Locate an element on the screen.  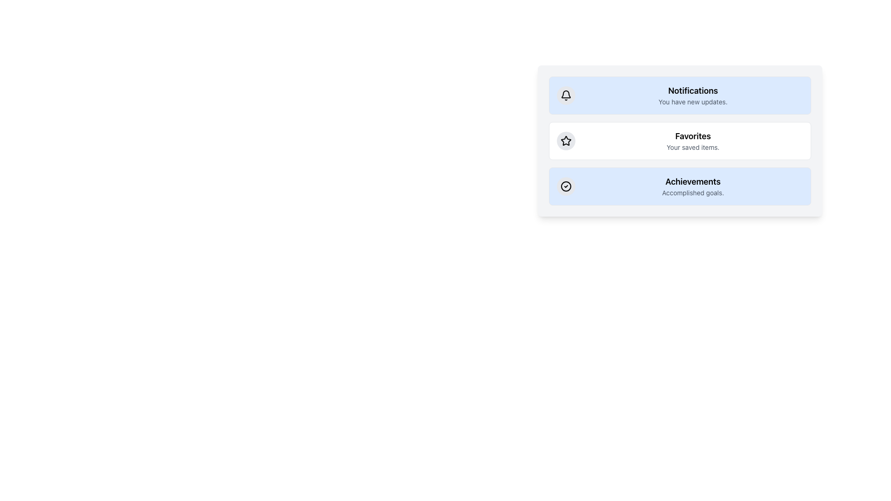
the decorative icon representing the 'Notifications' item located on the left side of the 'Notifications' label, situated in the top section of a vertical list is located at coordinates (565, 95).